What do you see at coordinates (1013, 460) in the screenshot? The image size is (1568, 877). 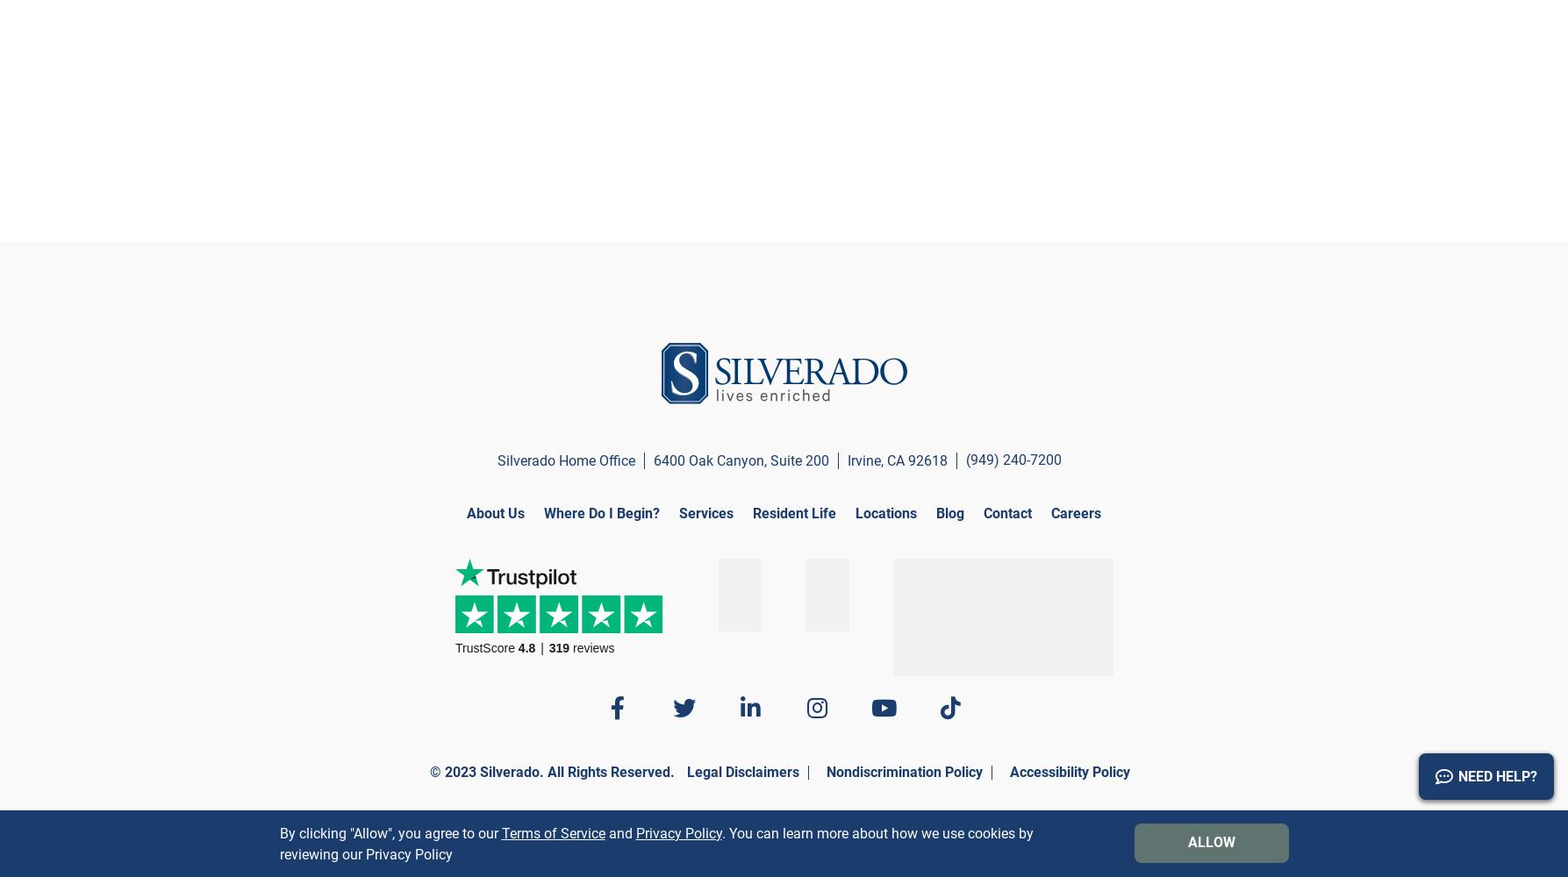 I see `'(949) 240-7200'` at bounding box center [1013, 460].